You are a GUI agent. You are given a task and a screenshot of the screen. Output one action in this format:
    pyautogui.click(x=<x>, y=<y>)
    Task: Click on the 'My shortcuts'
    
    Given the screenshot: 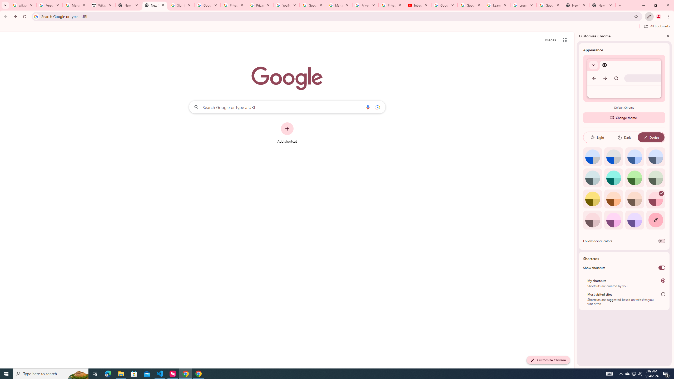 What is the action you would take?
    pyautogui.click(x=663, y=280)
    